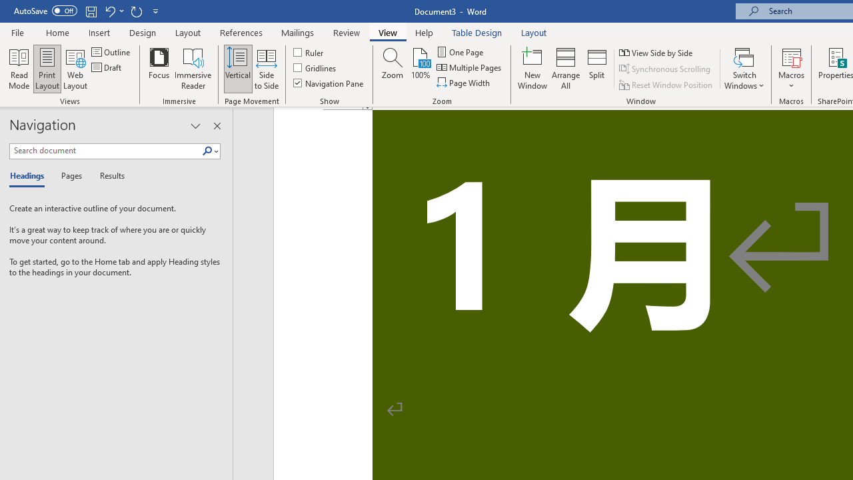 The width and height of the screenshot is (853, 480). What do you see at coordinates (309, 51) in the screenshot?
I see `'Ruler'` at bounding box center [309, 51].